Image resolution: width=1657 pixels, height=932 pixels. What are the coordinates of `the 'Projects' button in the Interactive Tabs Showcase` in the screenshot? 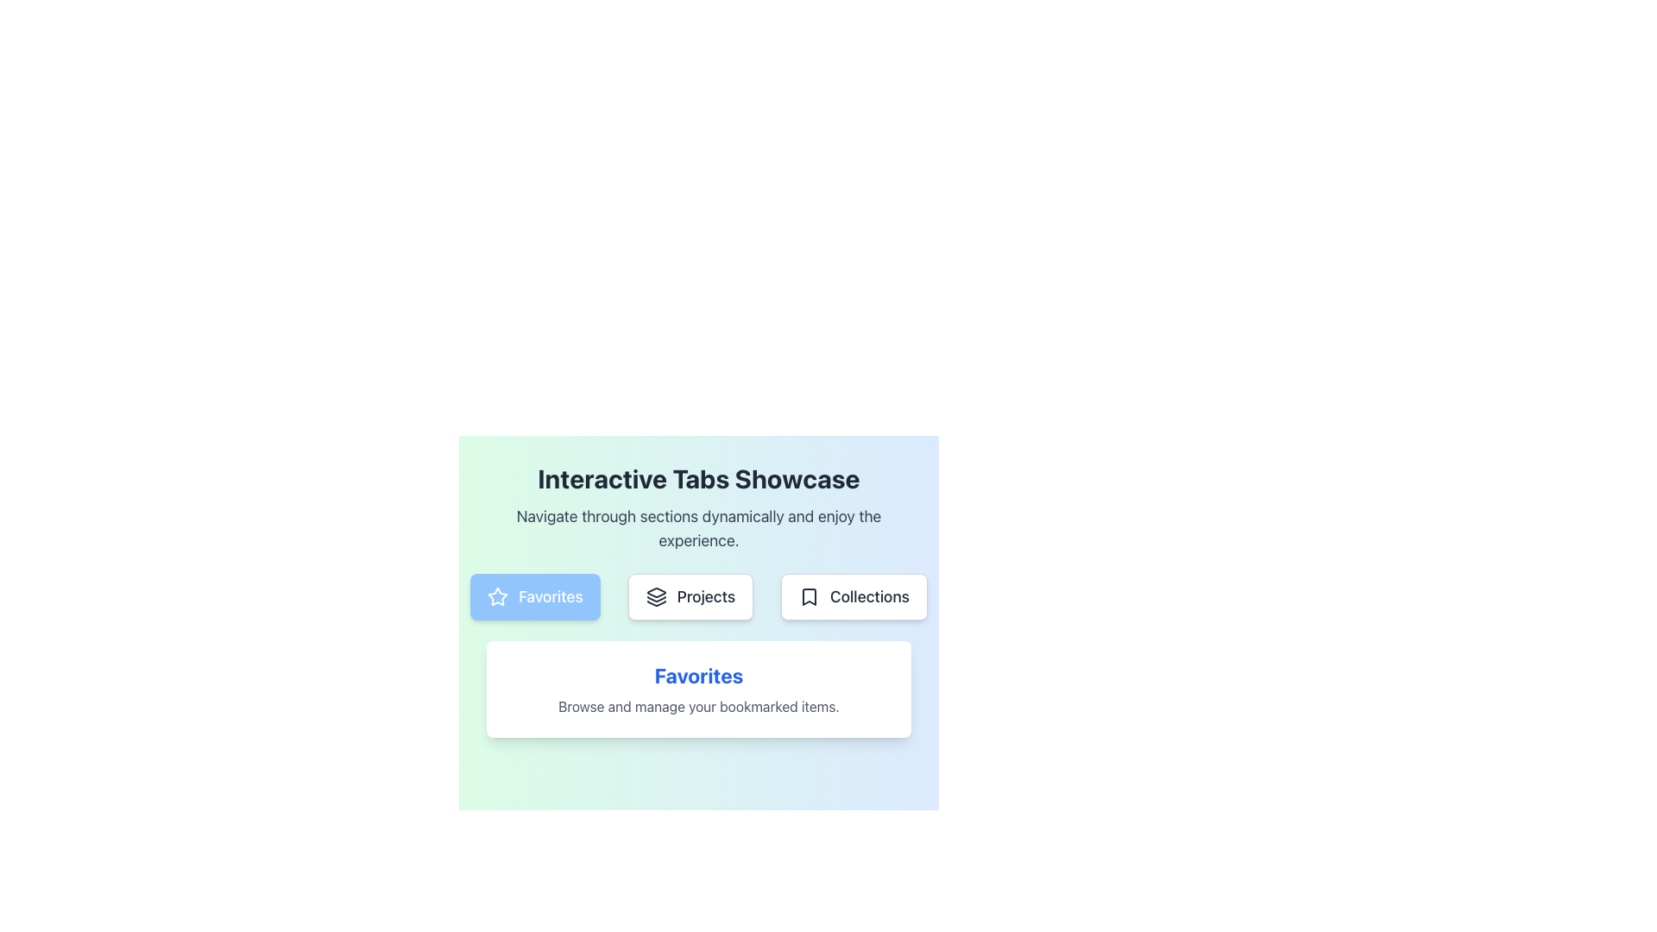 It's located at (699, 595).